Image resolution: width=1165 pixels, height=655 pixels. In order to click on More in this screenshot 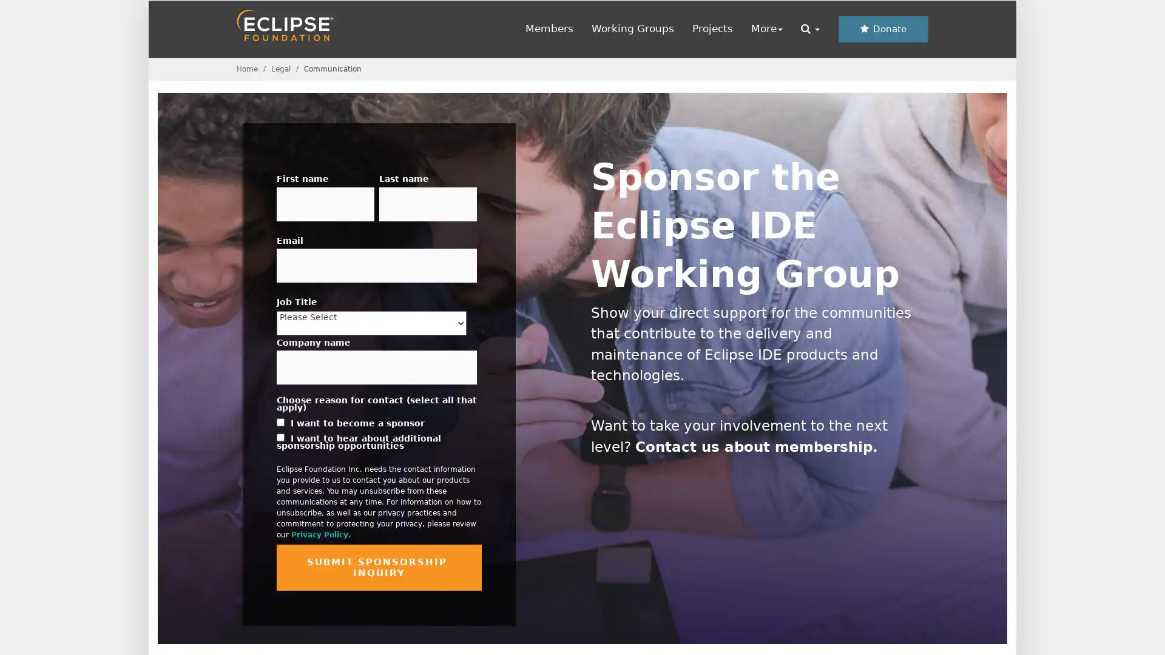, I will do `click(766, 28)`.